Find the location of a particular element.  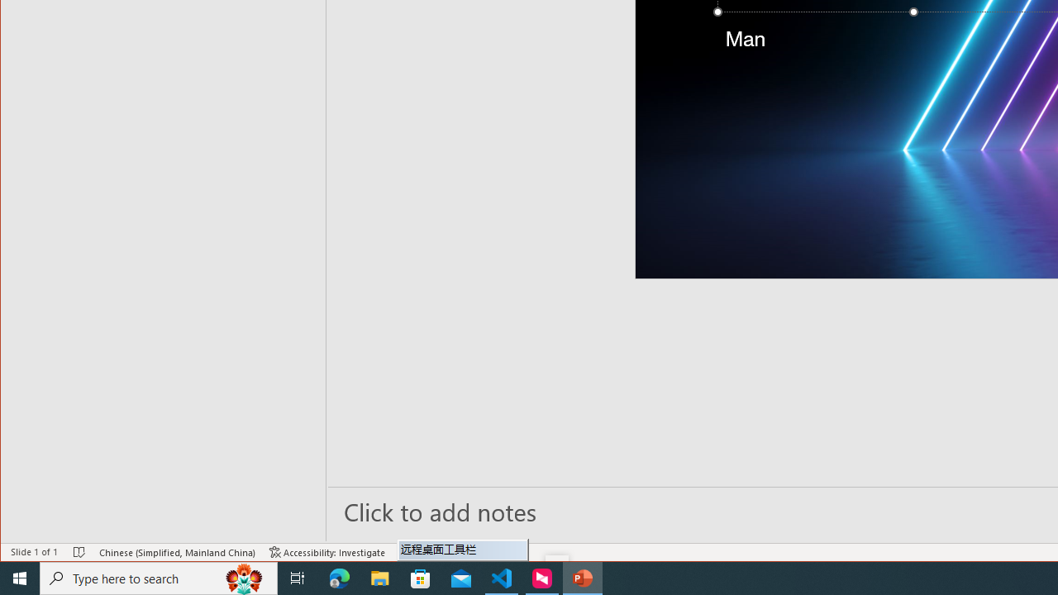

'Microsoft Store' is located at coordinates (421, 577).